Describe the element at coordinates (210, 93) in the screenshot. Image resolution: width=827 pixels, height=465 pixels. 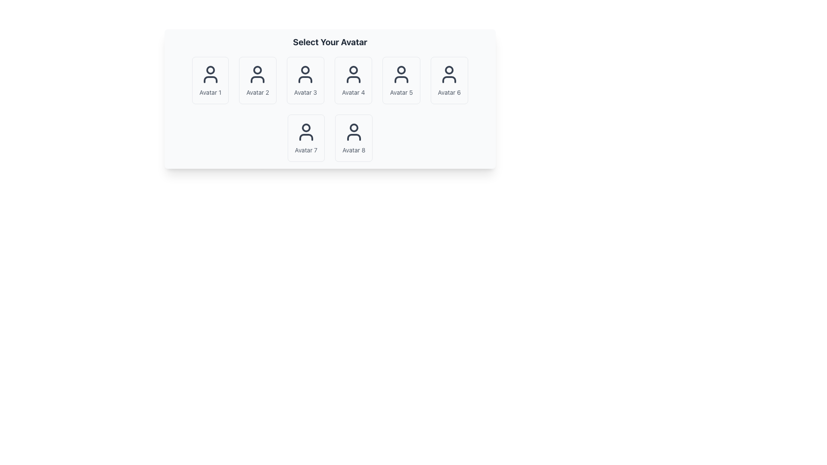
I see `the text label displaying 'Avatar 1', which is styled in light gray and located below the first avatar in a two-row grid` at that location.